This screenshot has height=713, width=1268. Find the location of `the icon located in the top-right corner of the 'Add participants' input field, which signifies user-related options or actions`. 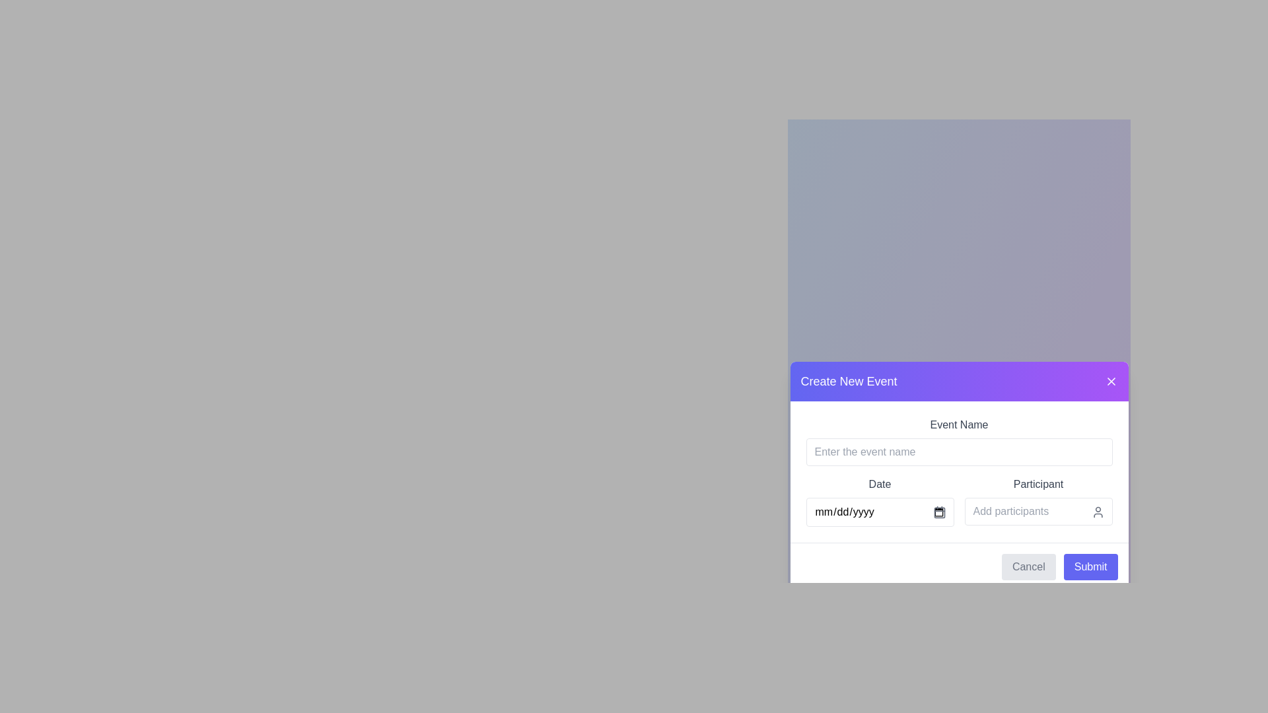

the icon located in the top-right corner of the 'Add participants' input field, which signifies user-related options or actions is located at coordinates (1098, 511).